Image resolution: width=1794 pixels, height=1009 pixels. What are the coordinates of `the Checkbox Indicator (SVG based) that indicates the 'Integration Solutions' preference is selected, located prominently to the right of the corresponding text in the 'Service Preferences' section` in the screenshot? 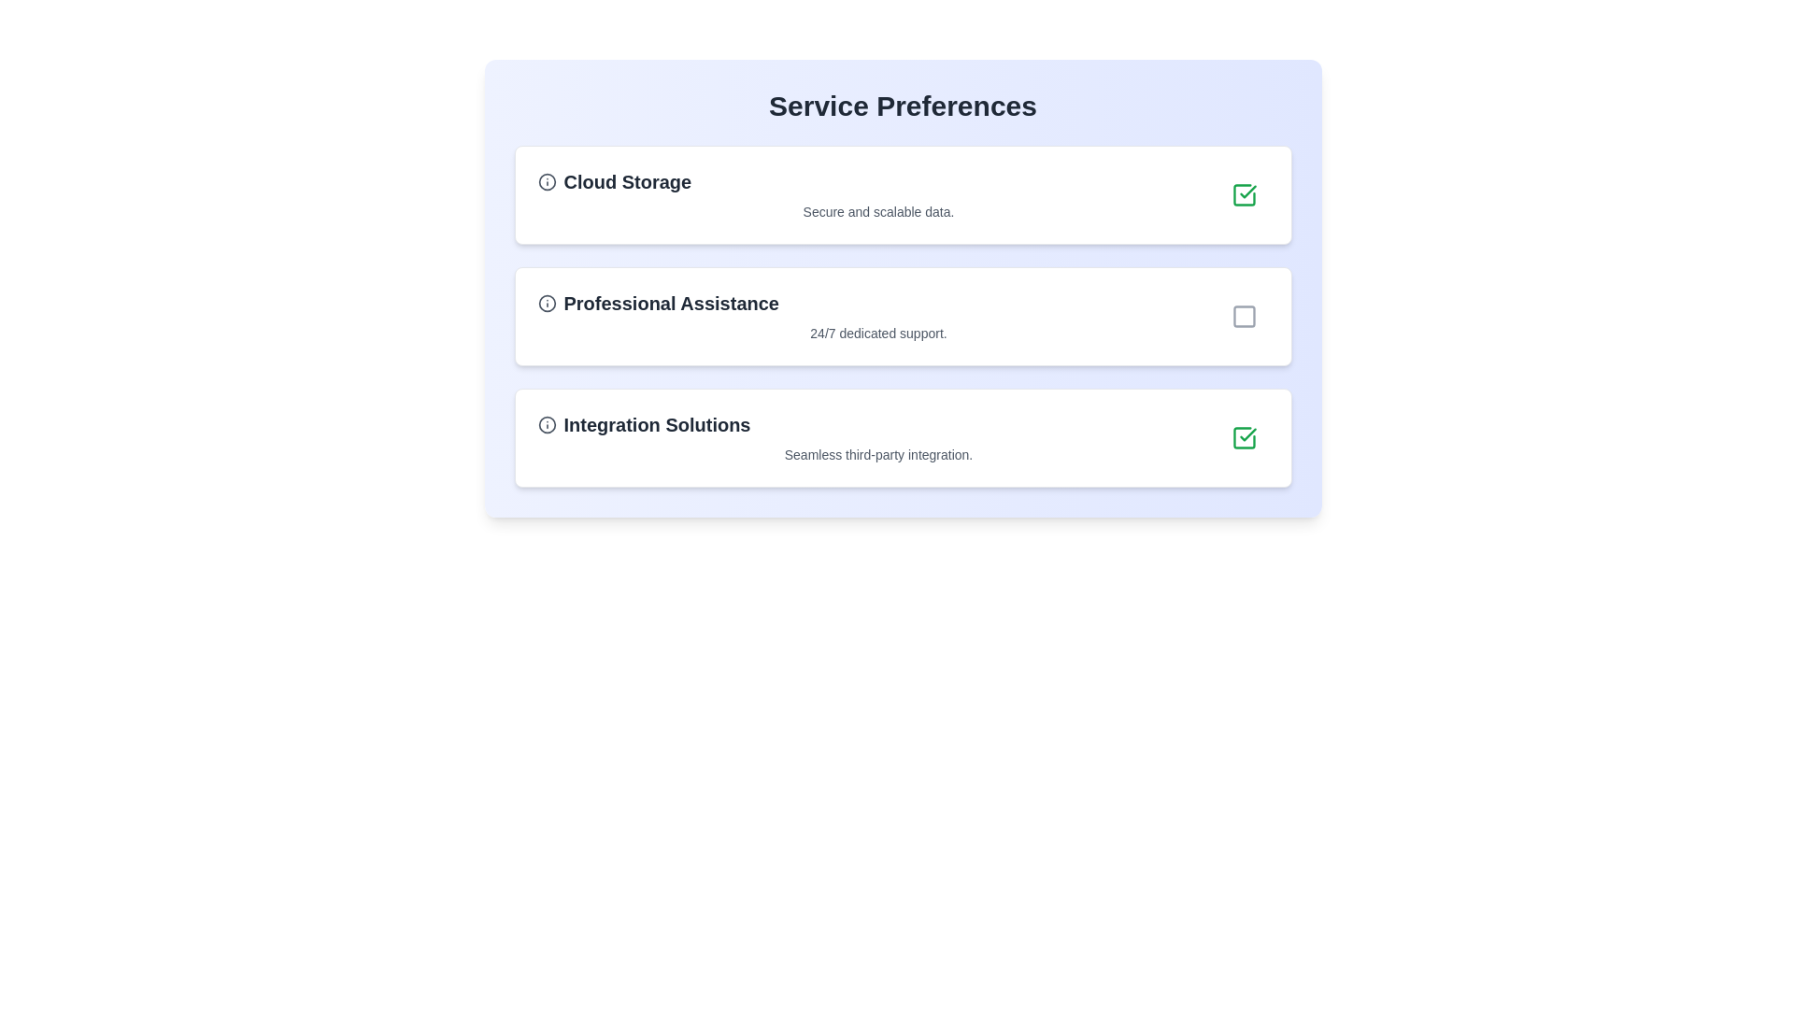 It's located at (1244, 438).